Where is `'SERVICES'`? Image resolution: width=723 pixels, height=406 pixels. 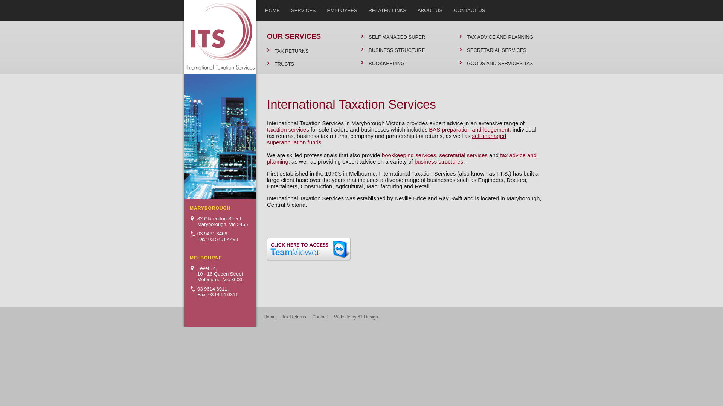
'SERVICES' is located at coordinates (304, 9).